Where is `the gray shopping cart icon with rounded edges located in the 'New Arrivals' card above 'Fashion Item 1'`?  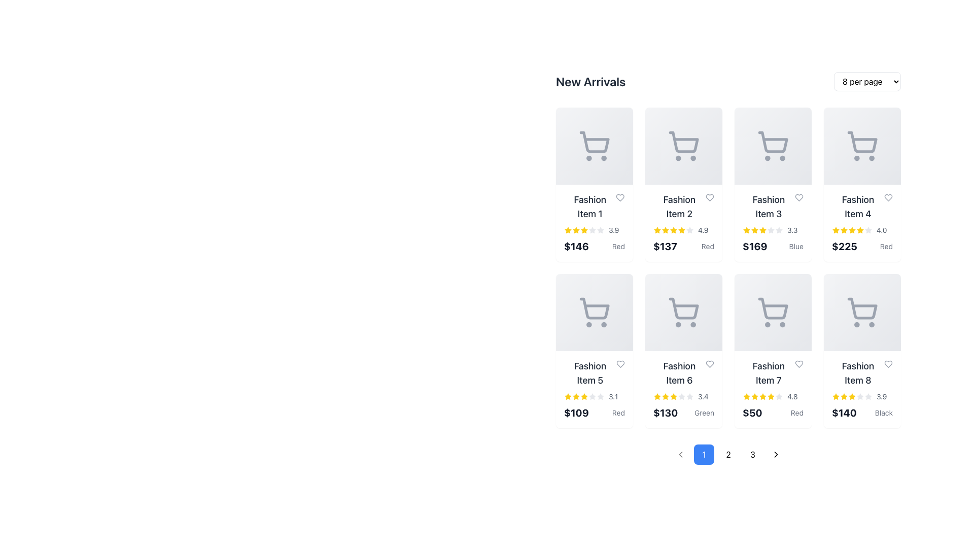 the gray shopping cart icon with rounded edges located in the 'New Arrivals' card above 'Fashion Item 1' is located at coordinates (594, 146).